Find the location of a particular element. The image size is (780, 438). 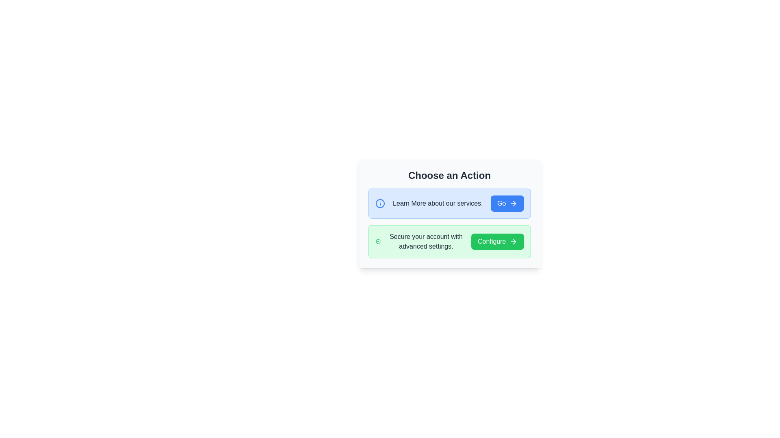

the forward navigation icon within the 'Go' button located at the top segment of the layout is located at coordinates (514, 203).